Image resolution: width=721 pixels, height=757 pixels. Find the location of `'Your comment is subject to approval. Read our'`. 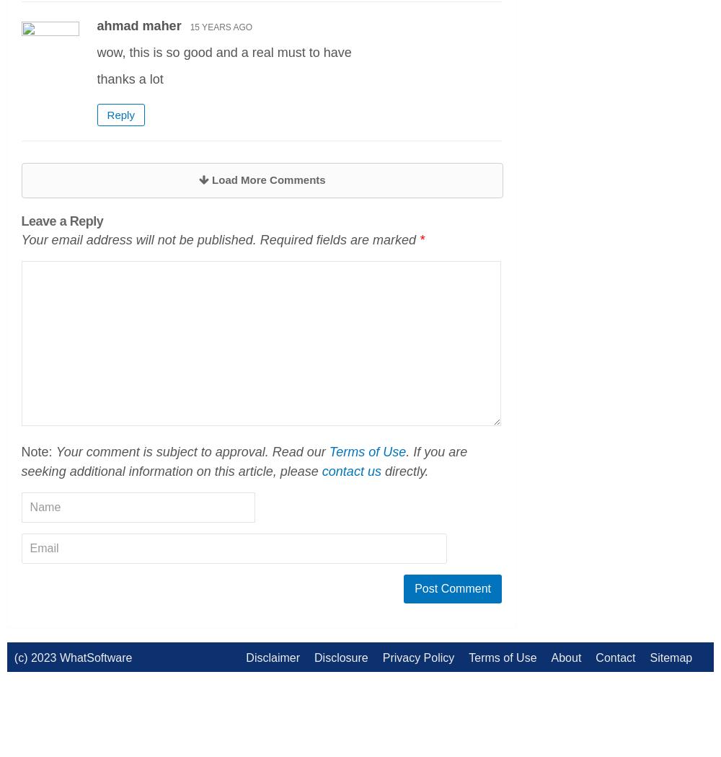

'Your comment is subject to approval. Read our' is located at coordinates (192, 451).